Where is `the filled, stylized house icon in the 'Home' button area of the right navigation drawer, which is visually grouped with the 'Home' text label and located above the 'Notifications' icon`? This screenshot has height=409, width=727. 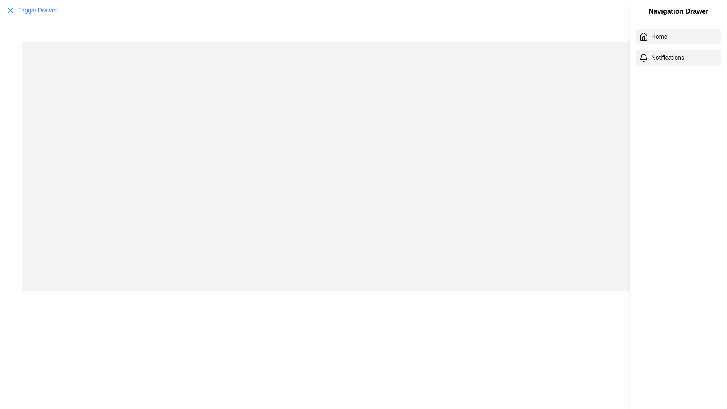 the filled, stylized house icon in the 'Home' button area of the right navigation drawer, which is visually grouped with the 'Home' text label and located above the 'Notifications' icon is located at coordinates (643, 36).